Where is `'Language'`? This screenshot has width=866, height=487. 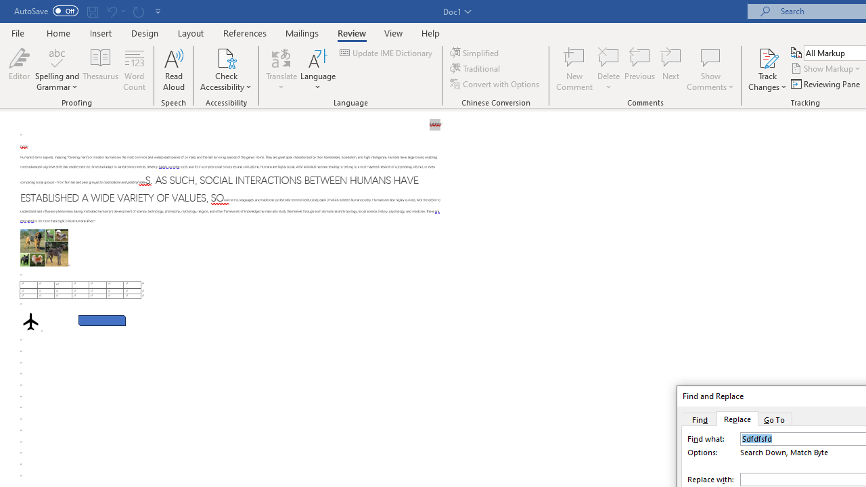
'Language' is located at coordinates (317, 70).